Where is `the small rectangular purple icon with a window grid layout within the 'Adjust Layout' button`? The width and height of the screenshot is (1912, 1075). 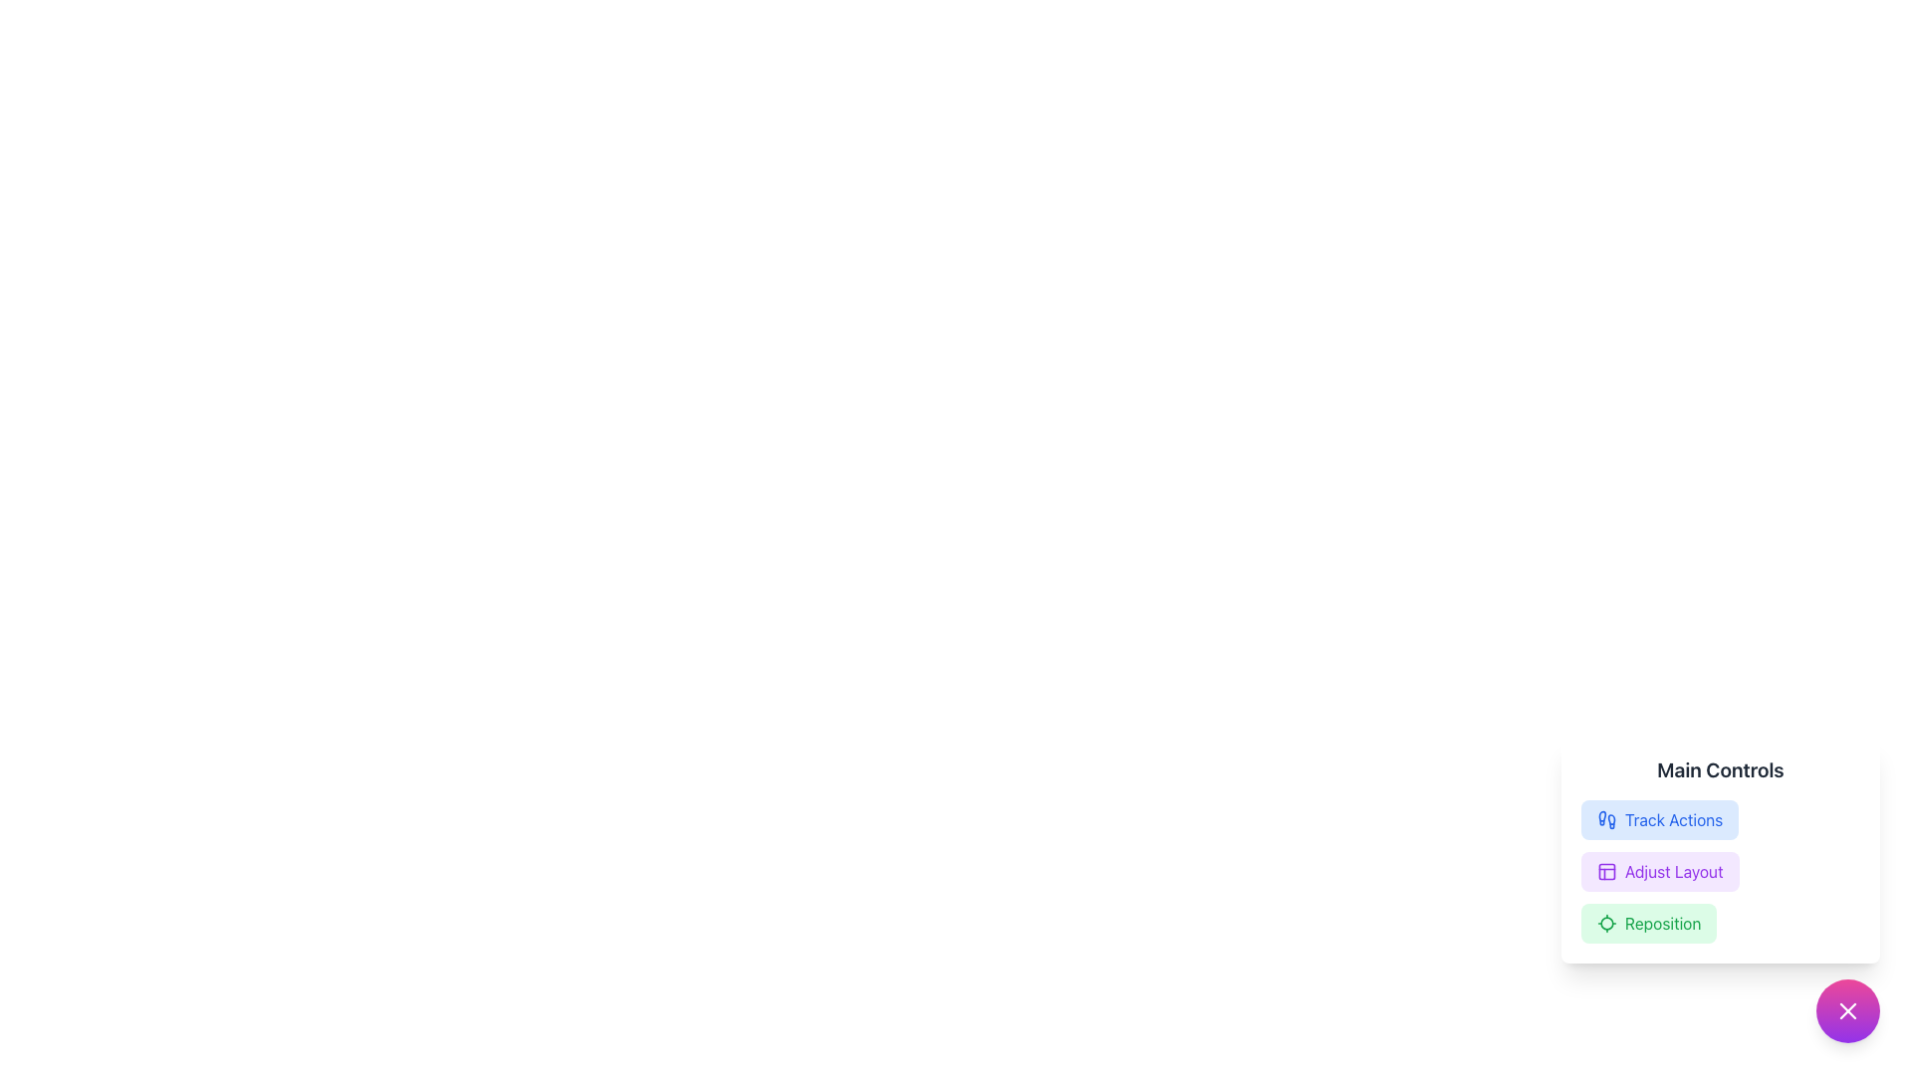 the small rectangular purple icon with a window grid layout within the 'Adjust Layout' button is located at coordinates (1606, 870).